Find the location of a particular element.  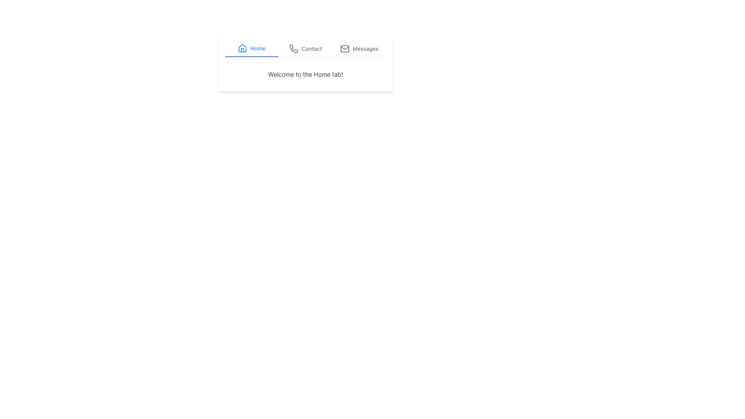

the 'Home' navigation tab button located at the top-left area of the application is located at coordinates (251, 49).